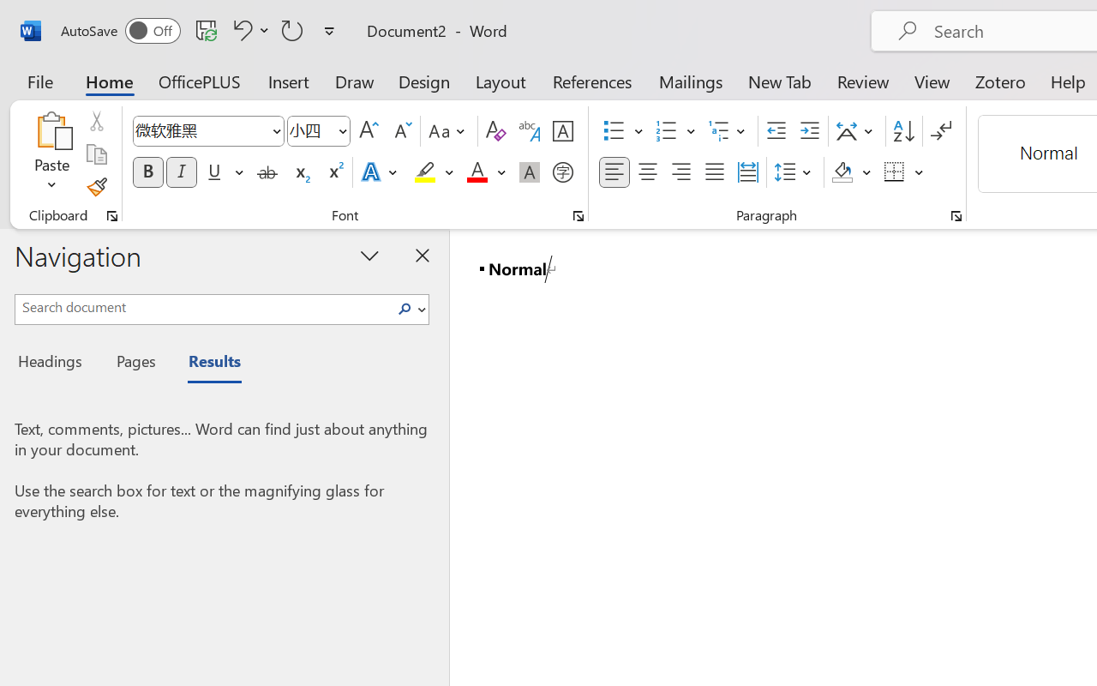  I want to click on 'Multilevel List', so click(728, 131).